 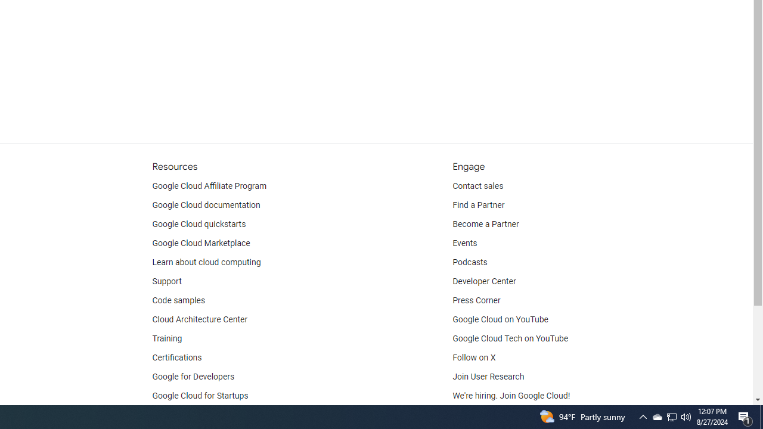 I want to click on 'Code samples', so click(x=178, y=300).